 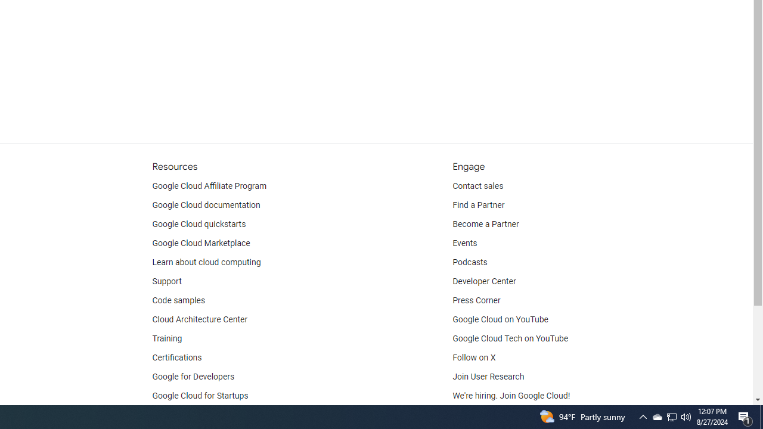 I want to click on 'Code samples', so click(x=178, y=300).